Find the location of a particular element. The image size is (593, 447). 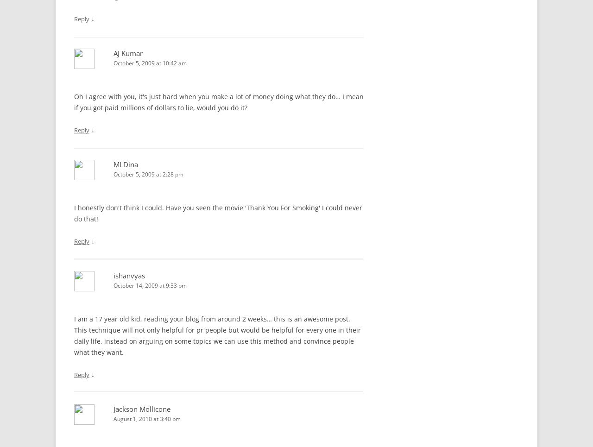

'Jackson Mollicone' is located at coordinates (113, 409).